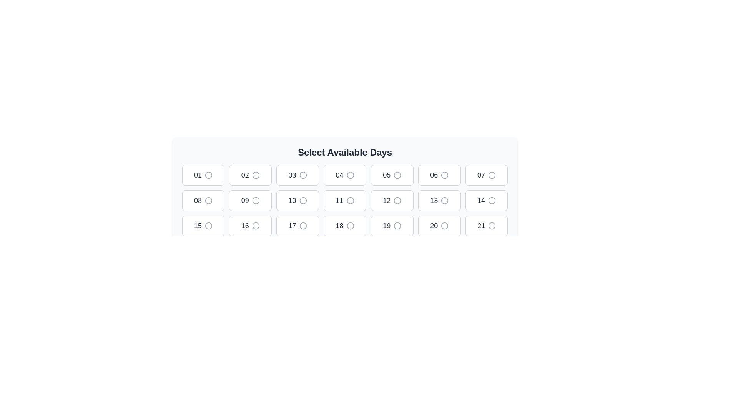 This screenshot has width=738, height=415. Describe the element at coordinates (439, 200) in the screenshot. I see `the radio button labeled '13' in the 'Select Available Days' grid` at that location.